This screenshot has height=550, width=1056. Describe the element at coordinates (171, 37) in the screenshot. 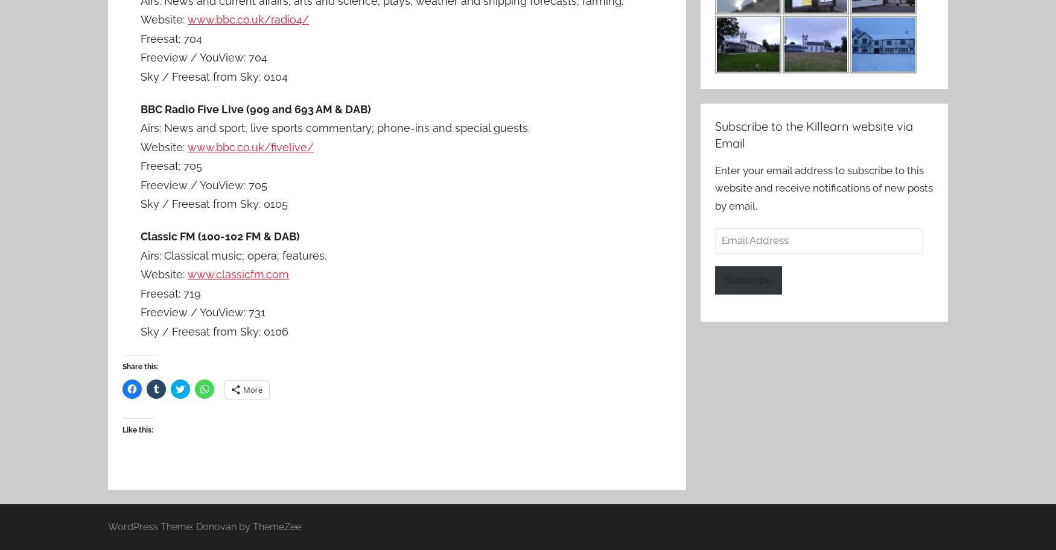

I see `'Freesat: 704'` at that location.